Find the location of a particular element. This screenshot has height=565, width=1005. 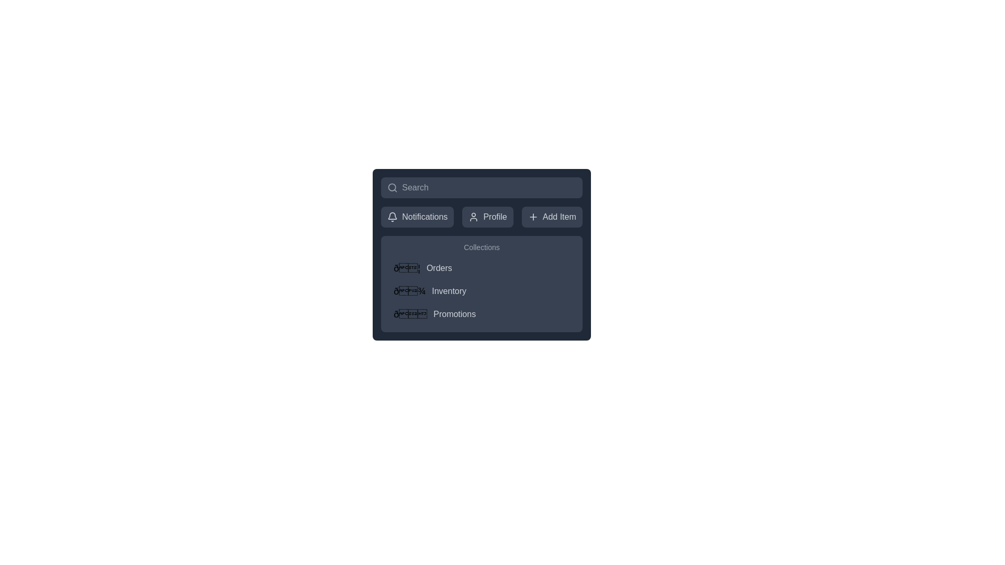

the party popper emoji icon located to the left of the 'Promotions' text in the 'Collections' section is located at coordinates (410, 314).